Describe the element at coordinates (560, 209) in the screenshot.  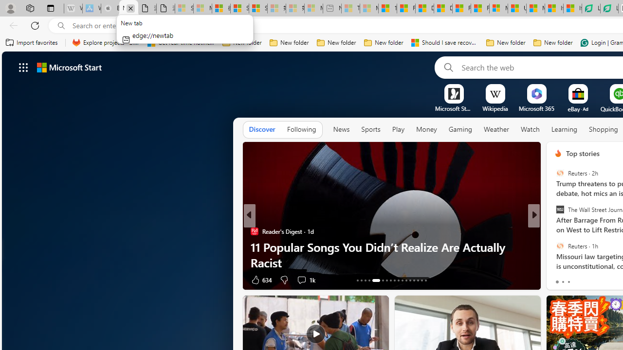
I see `'The Wall Street Journal'` at that location.